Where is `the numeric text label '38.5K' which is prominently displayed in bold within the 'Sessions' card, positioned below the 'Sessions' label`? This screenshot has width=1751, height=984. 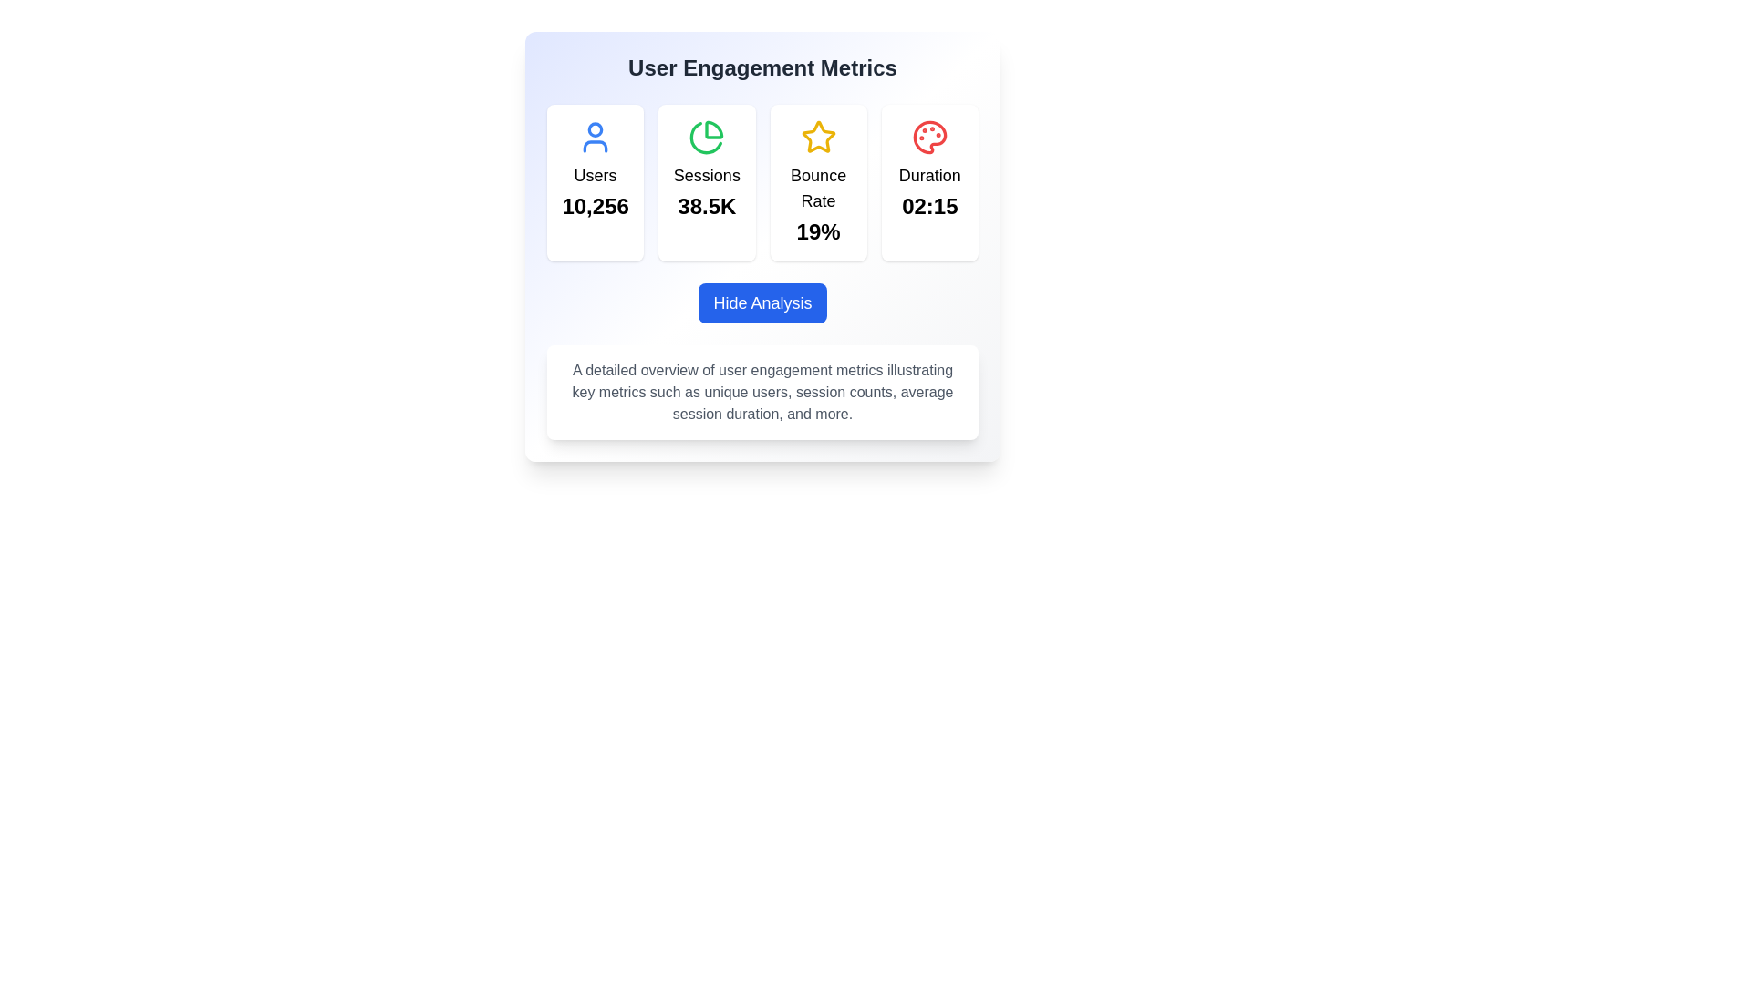
the numeric text label '38.5K' which is prominently displayed in bold within the 'Sessions' card, positioned below the 'Sessions' label is located at coordinates (706, 206).